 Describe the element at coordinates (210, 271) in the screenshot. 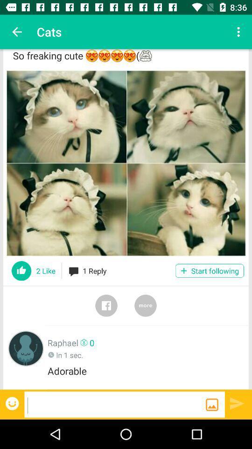

I see `the start following icon` at that location.